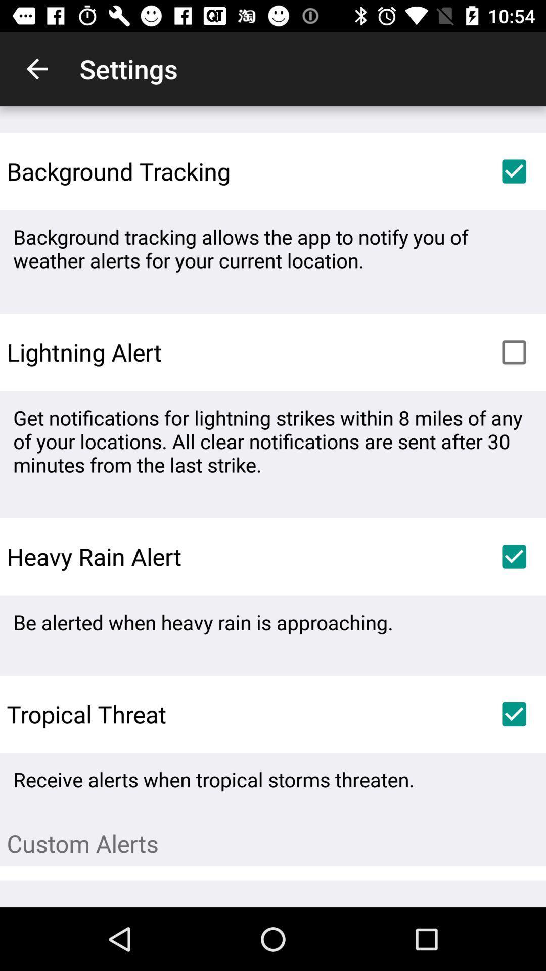 The image size is (546, 971). What do you see at coordinates (514, 352) in the screenshot?
I see `lightning alert notifications` at bounding box center [514, 352].